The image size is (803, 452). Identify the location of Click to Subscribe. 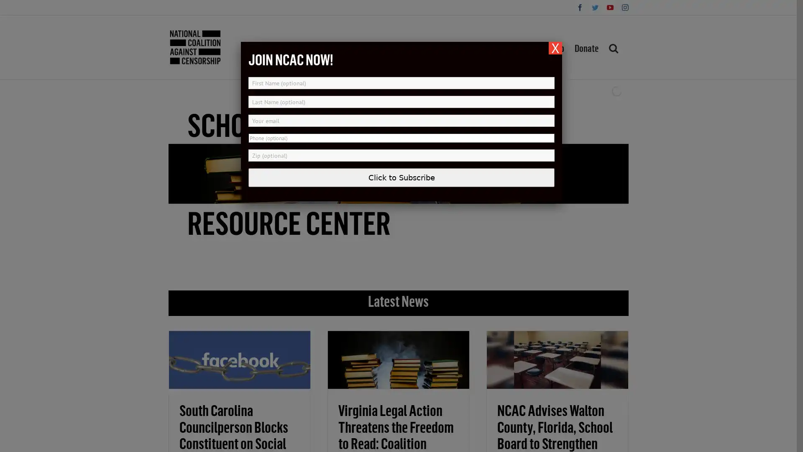
(401, 177).